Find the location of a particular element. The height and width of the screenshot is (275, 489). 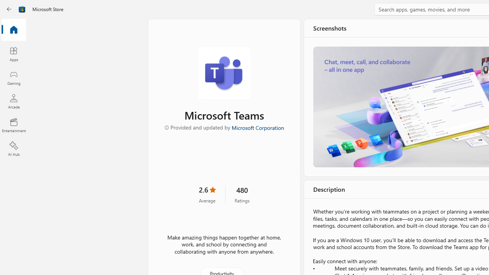

'2.6 stars. Click to skip to ratings and reviews' is located at coordinates (207, 193).